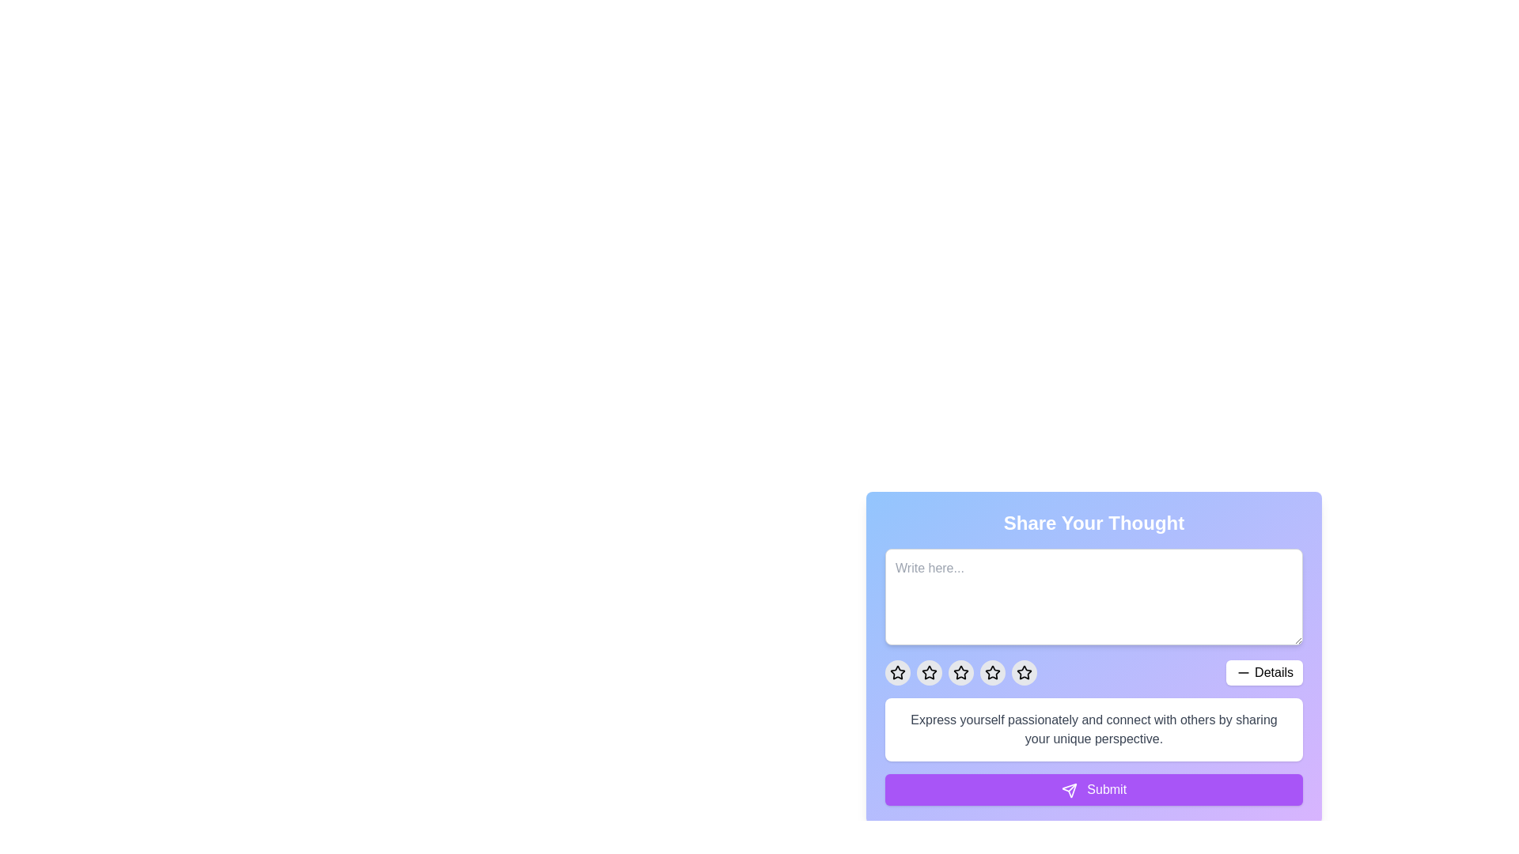 This screenshot has height=854, width=1519. What do you see at coordinates (930, 672) in the screenshot?
I see `the second star icon in the rating row beneath the 'Share Your Thought' text input box` at bounding box center [930, 672].